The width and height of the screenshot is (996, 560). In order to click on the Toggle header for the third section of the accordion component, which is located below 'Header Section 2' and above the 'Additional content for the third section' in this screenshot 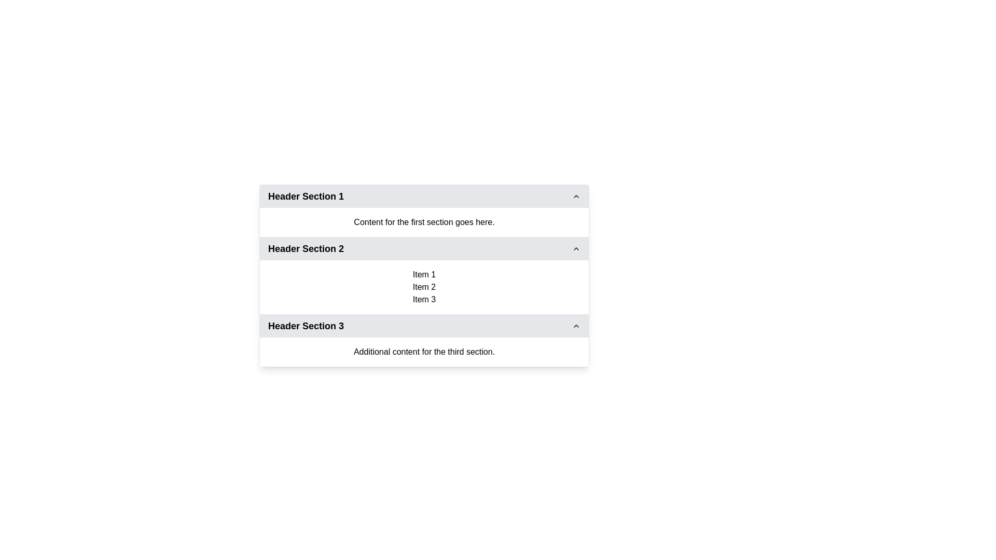, I will do `click(424, 325)`.